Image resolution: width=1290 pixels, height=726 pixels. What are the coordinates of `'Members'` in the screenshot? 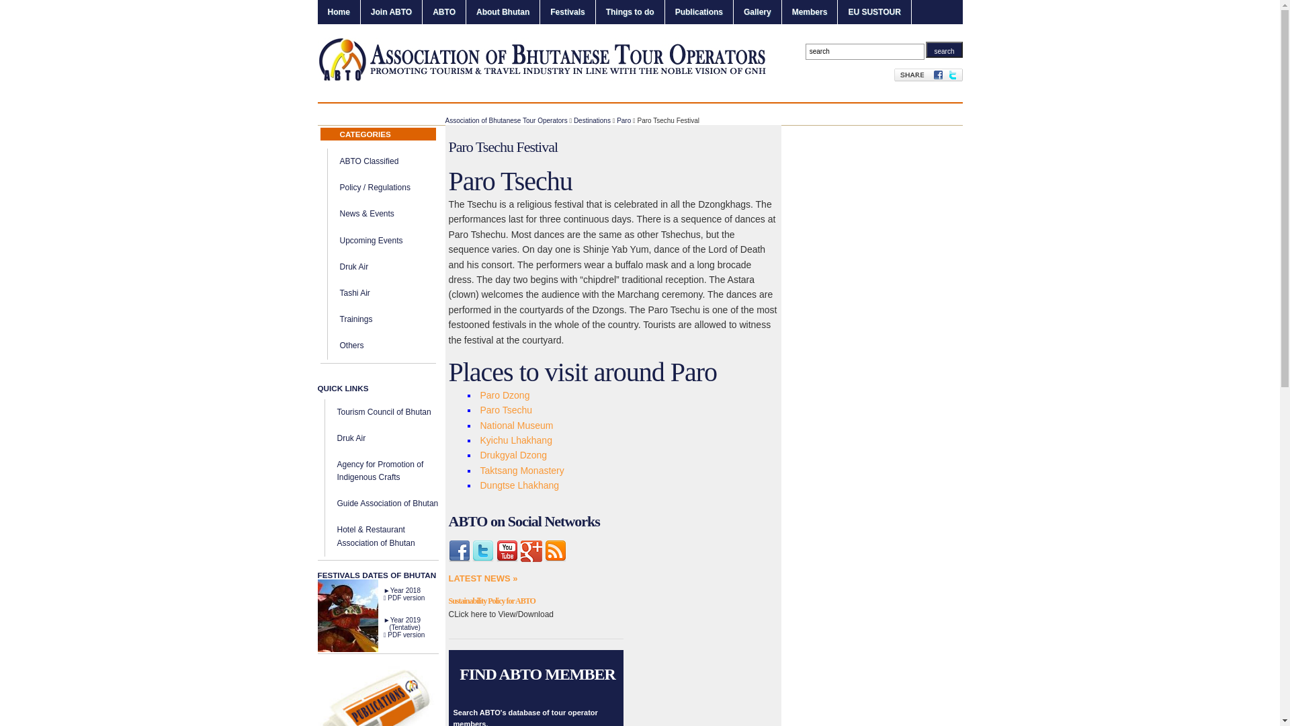 It's located at (809, 12).